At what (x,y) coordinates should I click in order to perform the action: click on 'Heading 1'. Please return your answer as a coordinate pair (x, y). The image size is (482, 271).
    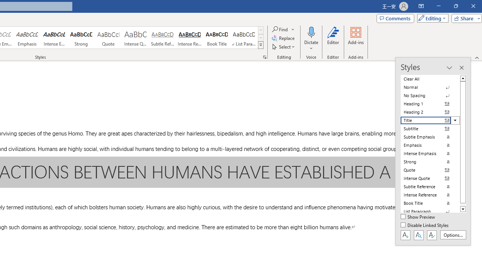
    Looking at the image, I should click on (430, 104).